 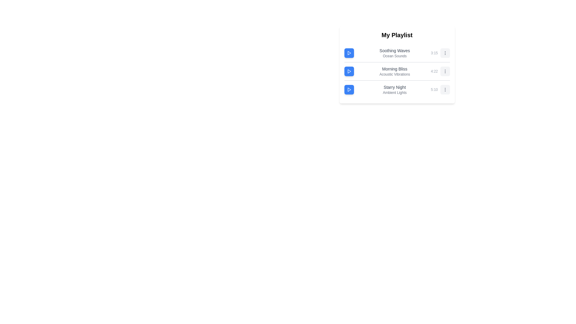 What do you see at coordinates (394, 50) in the screenshot?
I see `the 'Soothing Waves' text label element, which is styled in medium gray and is located above the subtitle 'Ocean Sounds' in the 'My Playlist' section` at bounding box center [394, 50].